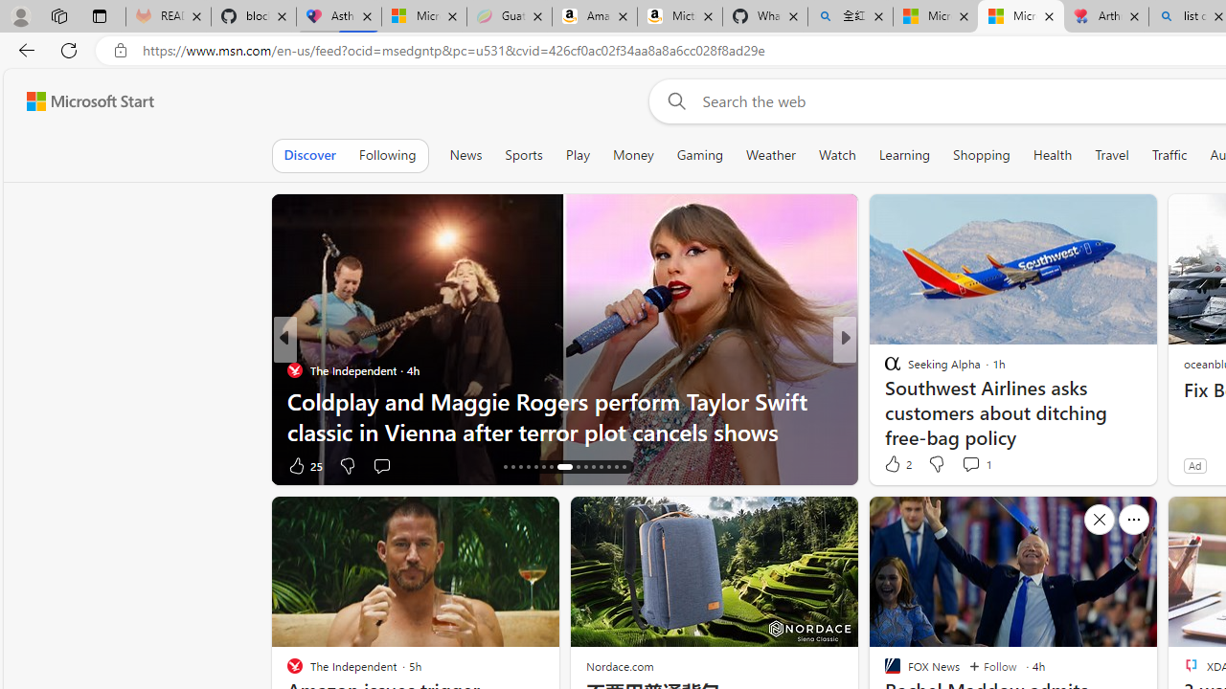  Describe the element at coordinates (82, 100) in the screenshot. I see `'Skip to content'` at that location.